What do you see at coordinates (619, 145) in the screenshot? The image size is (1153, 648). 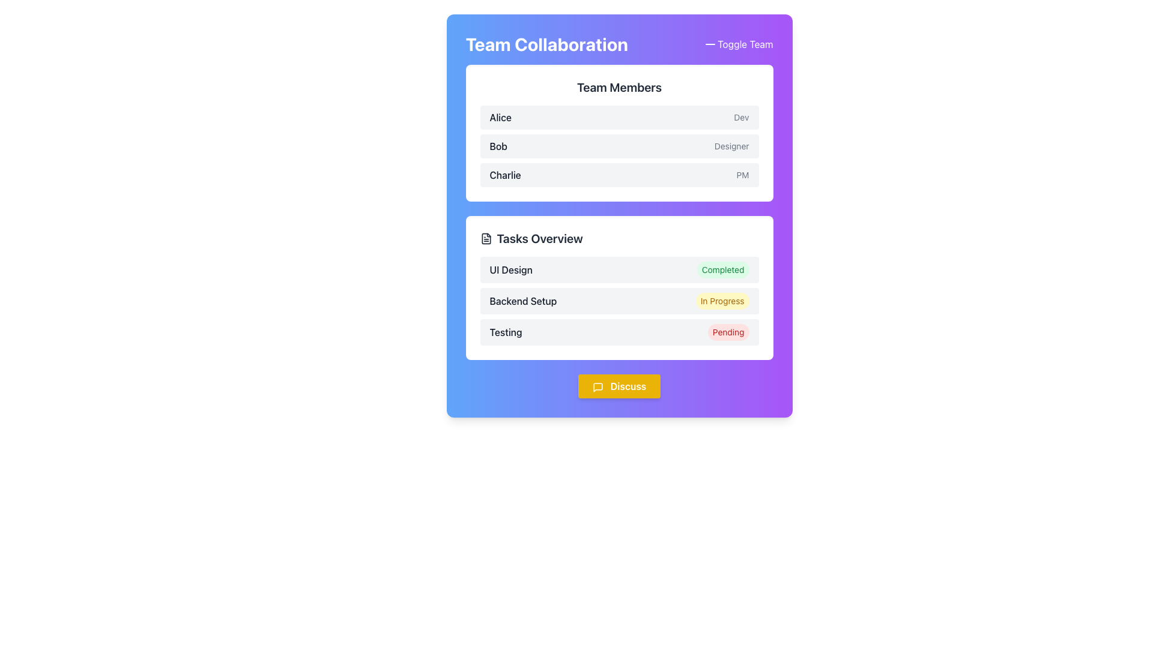 I see `the second row of the team members list that displays 'Bob' on the left and 'Designer' on the right, which has a light grey background` at bounding box center [619, 145].